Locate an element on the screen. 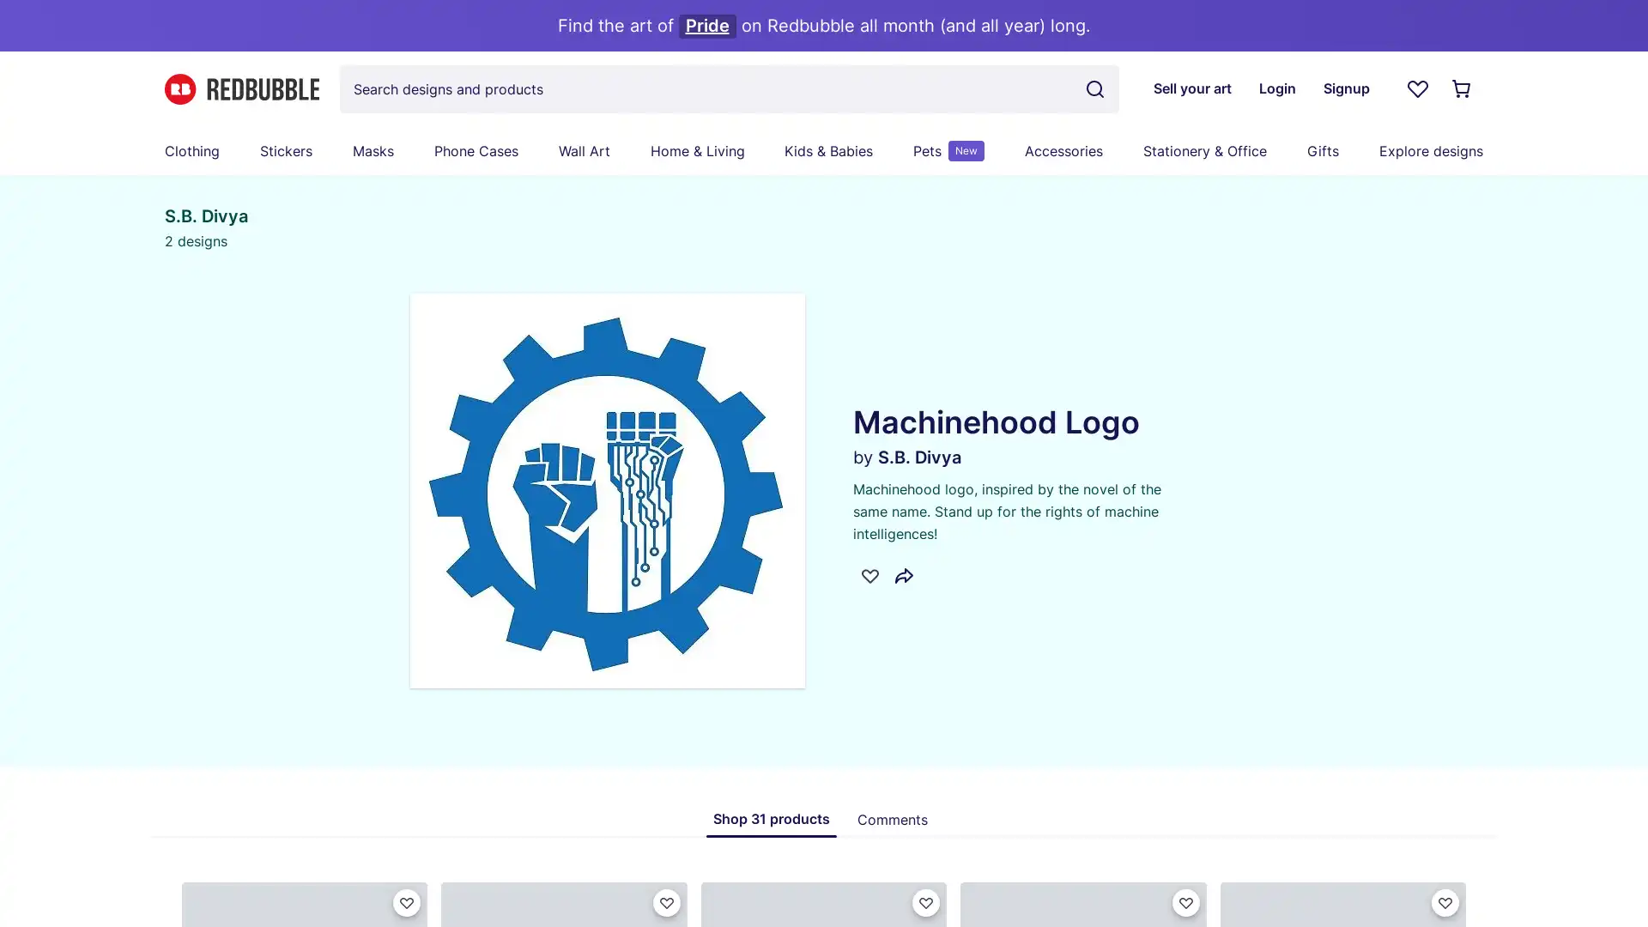  Search term is located at coordinates (1094, 89).